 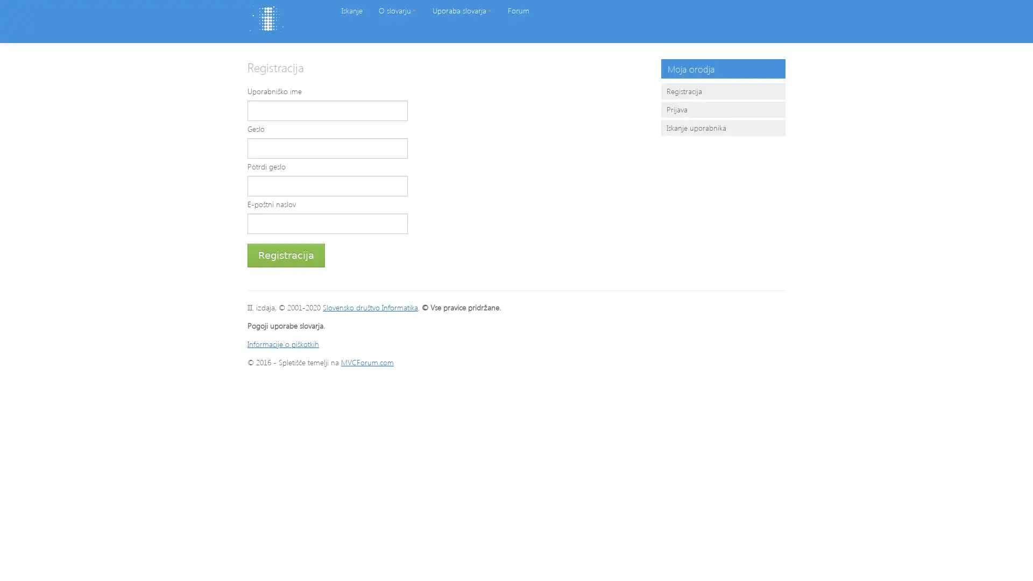 What do you see at coordinates (286, 255) in the screenshot?
I see `Registracija` at bounding box center [286, 255].